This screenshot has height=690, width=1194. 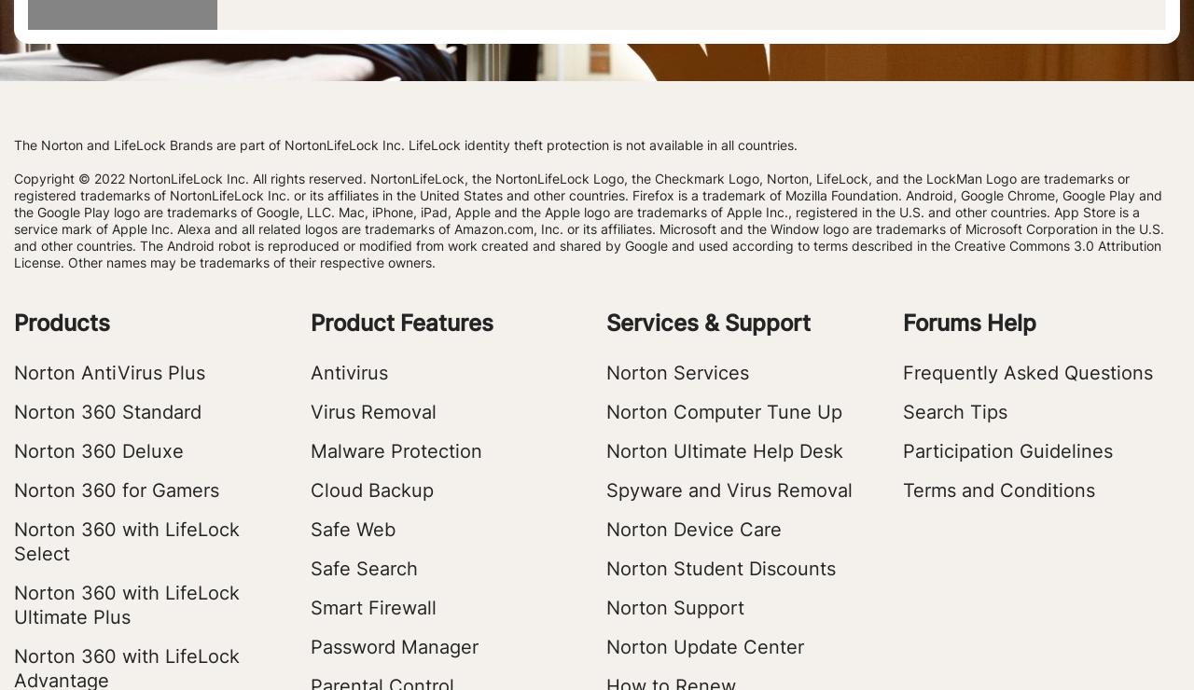 What do you see at coordinates (693, 529) in the screenshot?
I see `'Norton Device Care'` at bounding box center [693, 529].